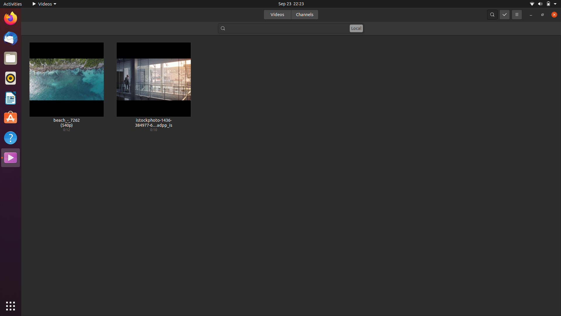 The image size is (561, 316). Describe the element at coordinates (291, 28) in the screenshot. I see `Look for a video tagged with the word "beach" in its title` at that location.